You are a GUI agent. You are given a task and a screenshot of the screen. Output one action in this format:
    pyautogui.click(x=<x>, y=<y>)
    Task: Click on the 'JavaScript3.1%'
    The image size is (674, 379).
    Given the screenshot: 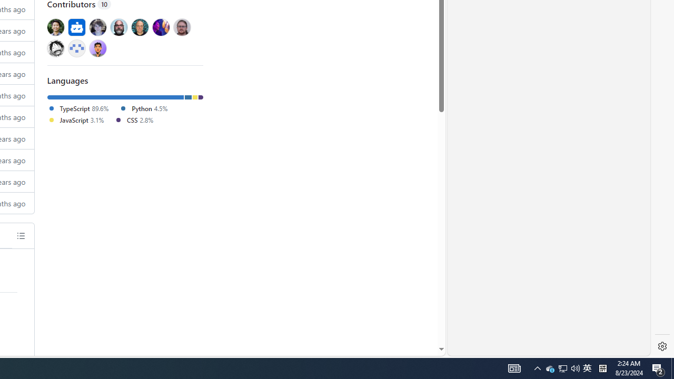 What is the action you would take?
    pyautogui.click(x=80, y=119)
    